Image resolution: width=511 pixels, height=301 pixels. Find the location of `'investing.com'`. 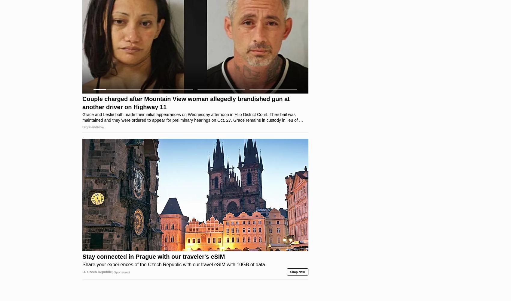

'investing.com' is located at coordinates (93, 106).